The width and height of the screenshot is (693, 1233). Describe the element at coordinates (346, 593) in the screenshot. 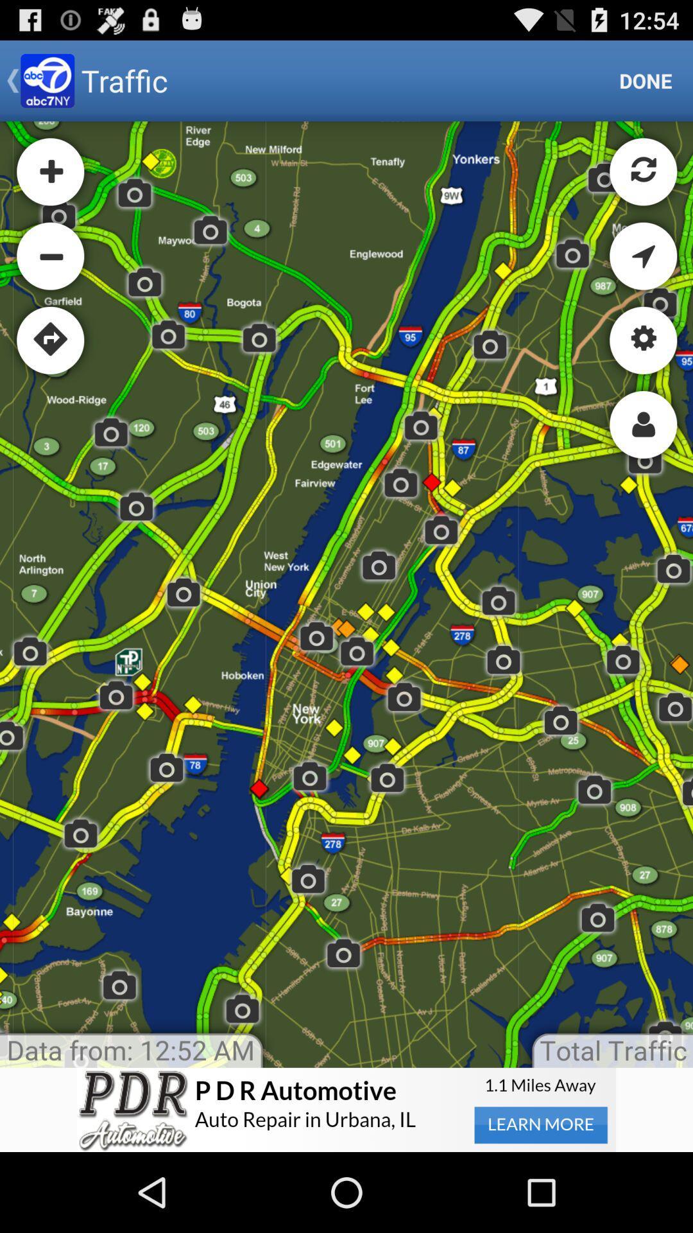

I see `google map` at that location.